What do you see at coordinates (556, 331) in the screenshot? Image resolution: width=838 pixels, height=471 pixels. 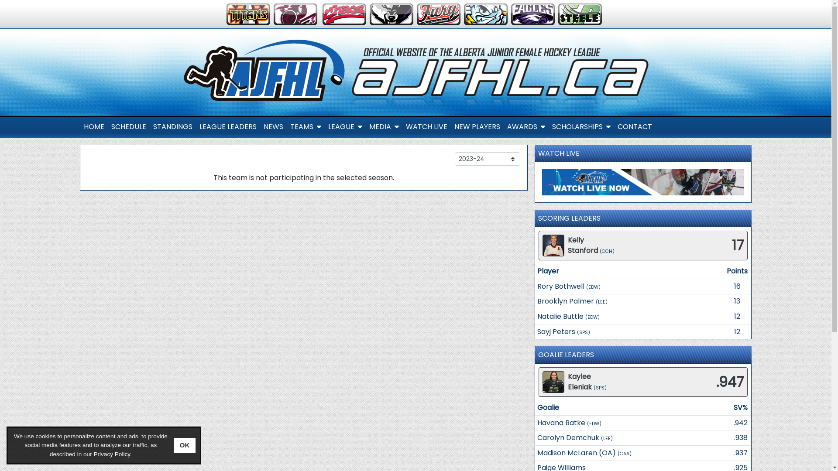 I see `'Sayj Peters'` at bounding box center [556, 331].